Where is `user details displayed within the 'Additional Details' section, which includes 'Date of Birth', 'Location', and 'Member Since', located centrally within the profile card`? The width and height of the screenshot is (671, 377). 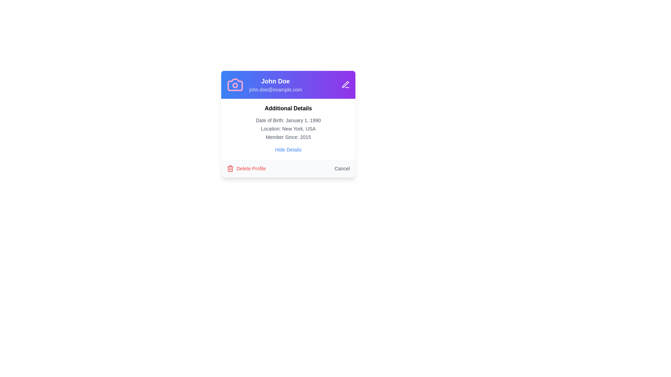
user details displayed within the 'Additional Details' section, which includes 'Date of Birth', 'Location', and 'Member Since', located centrally within the profile card is located at coordinates (288, 129).